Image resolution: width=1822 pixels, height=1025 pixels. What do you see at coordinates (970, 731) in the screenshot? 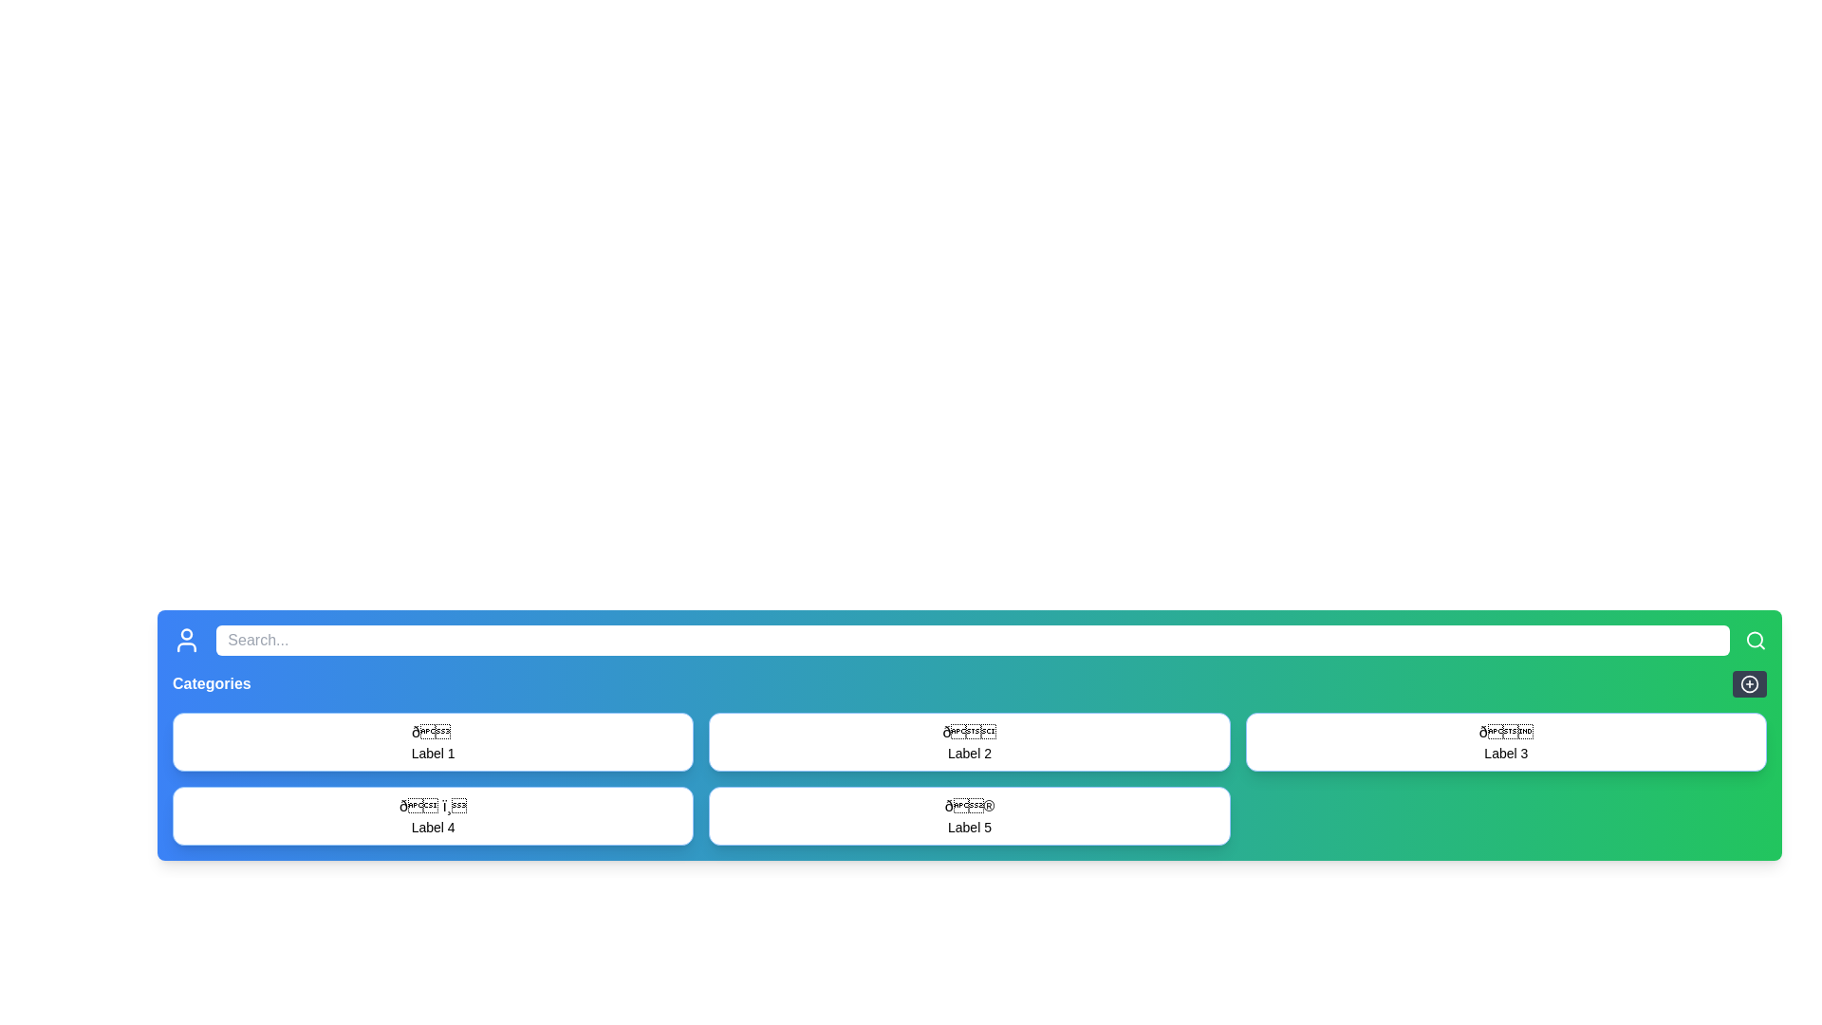
I see `the emoji icon resembling a closed book, which is positioned at the top-center inside the white rounded rectangle labeled 'Label 2'` at bounding box center [970, 731].